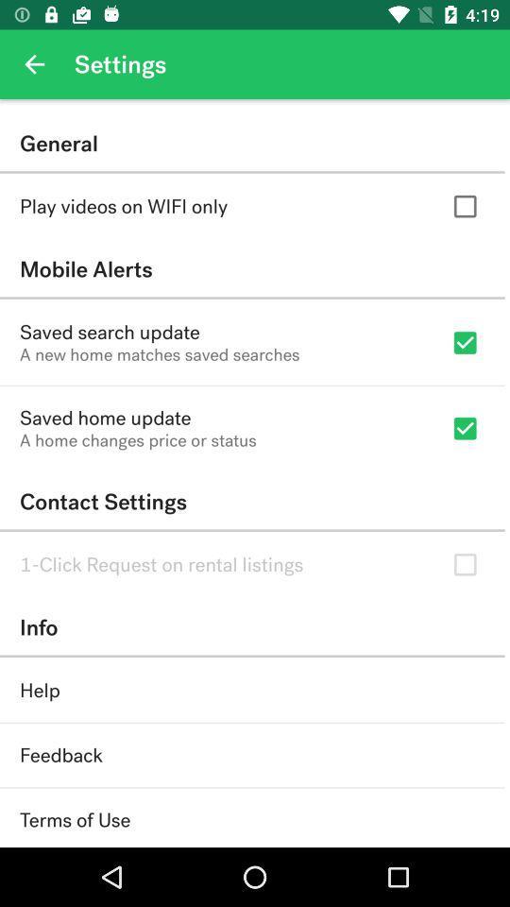  Describe the element at coordinates (252, 501) in the screenshot. I see `contact settings item` at that location.